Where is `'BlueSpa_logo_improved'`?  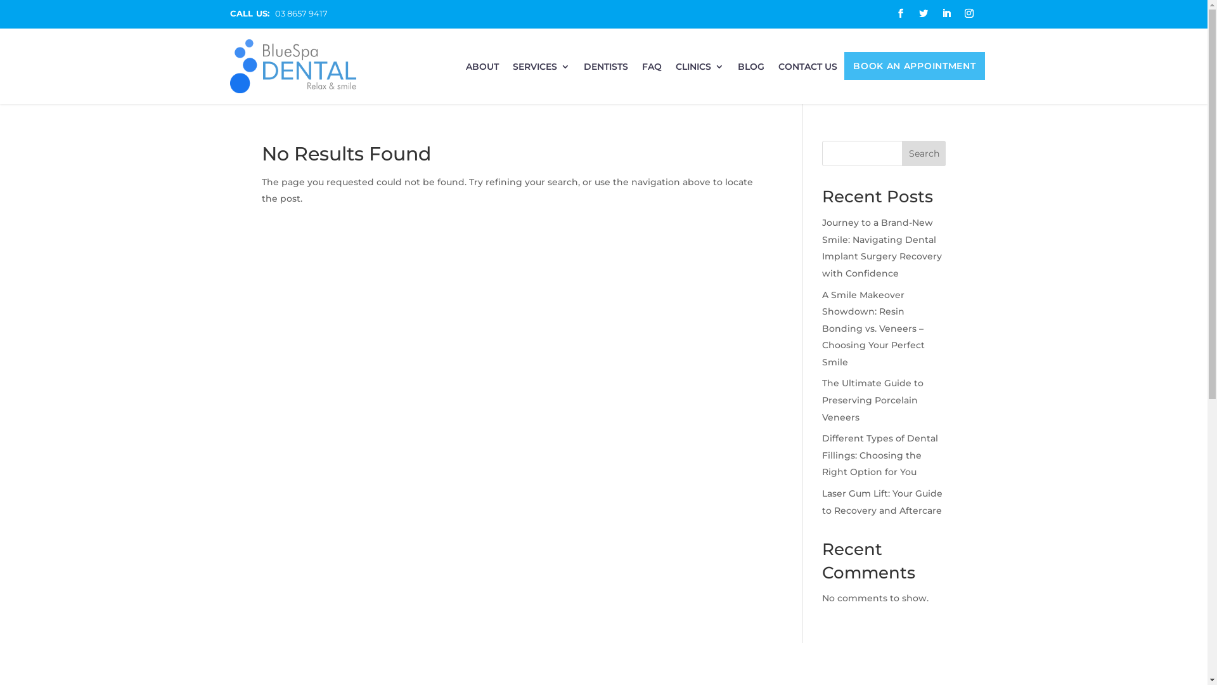
'BlueSpa_logo_improved' is located at coordinates (229, 66).